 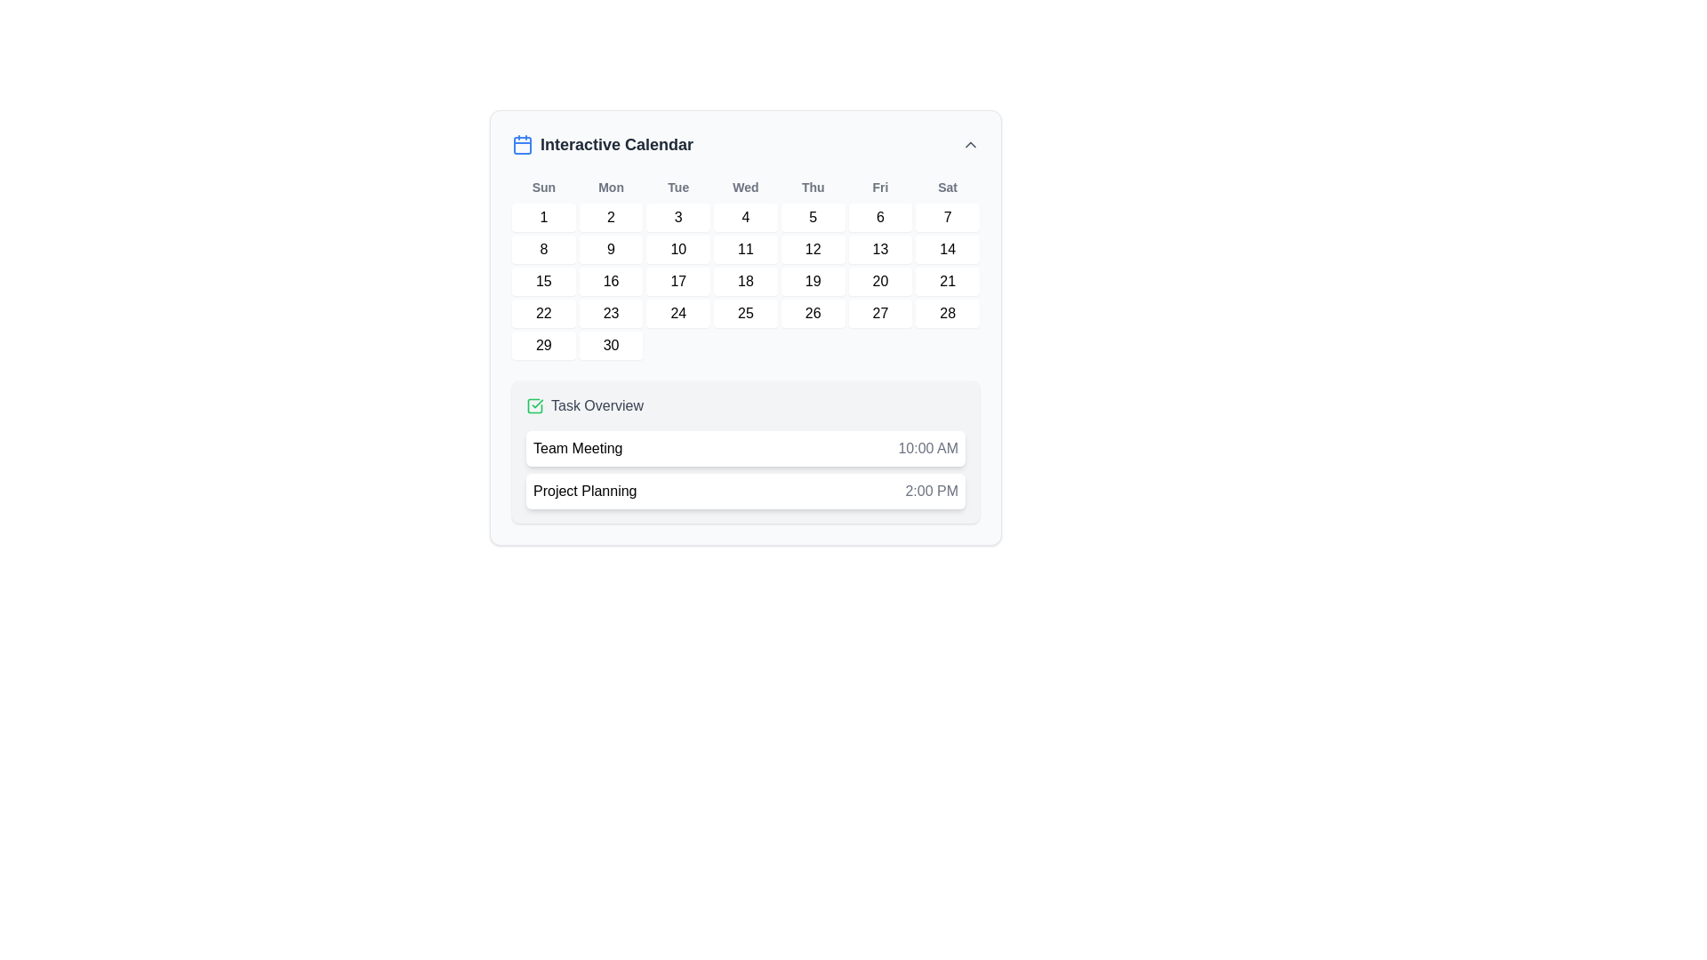 I want to click on the completed task icon located to the left of the 'Task Overview' section title, which indicates the section's completion status, so click(x=533, y=405).